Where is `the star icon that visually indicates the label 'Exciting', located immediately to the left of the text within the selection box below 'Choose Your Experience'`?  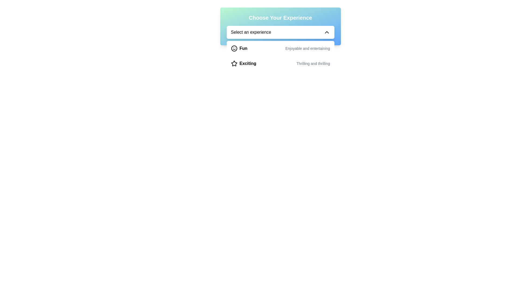 the star icon that visually indicates the label 'Exciting', located immediately to the left of the text within the selection box below 'Choose Your Experience' is located at coordinates (234, 63).